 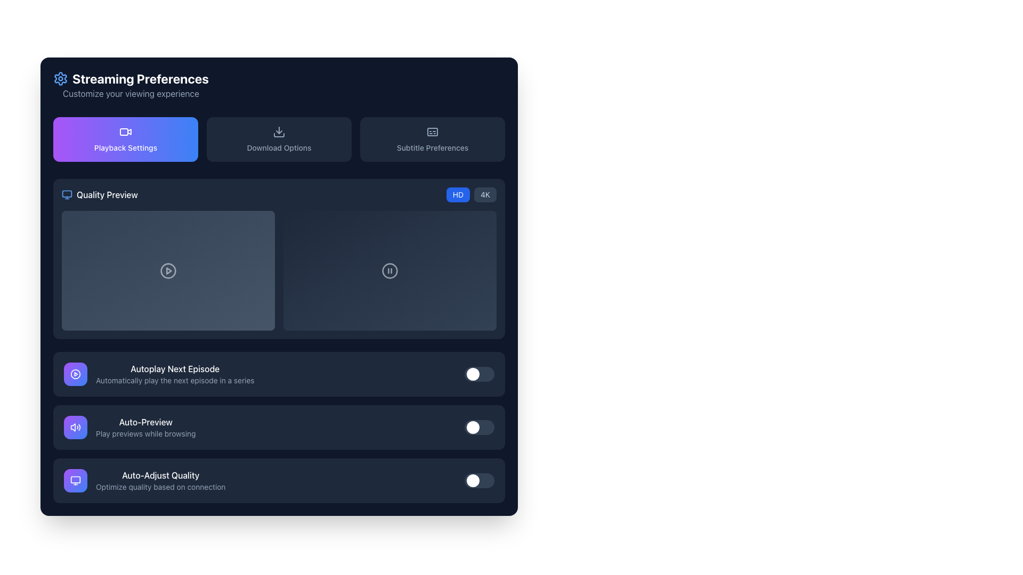 I want to click on the interactive toggle switch located centrally in the settings list, just below 'Autoplay Next Episode' and above 'Auto-Adjust Quality', so click(x=279, y=426).